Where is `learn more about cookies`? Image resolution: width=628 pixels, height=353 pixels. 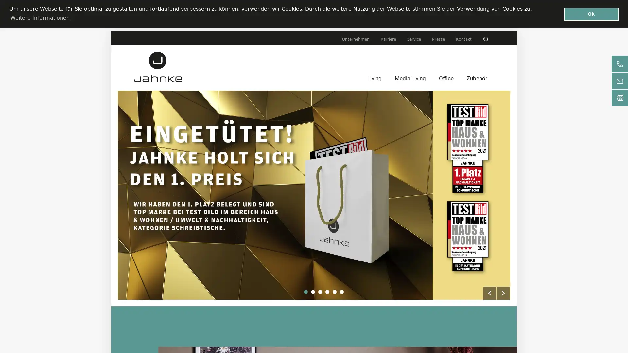 learn more about cookies is located at coordinates (39, 17).